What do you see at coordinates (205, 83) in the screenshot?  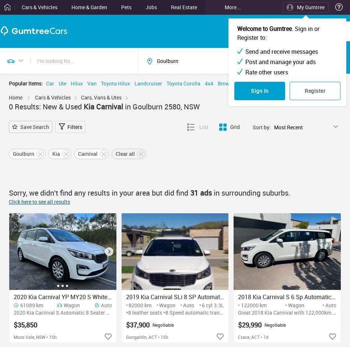 I see `'4x4'` at bounding box center [205, 83].